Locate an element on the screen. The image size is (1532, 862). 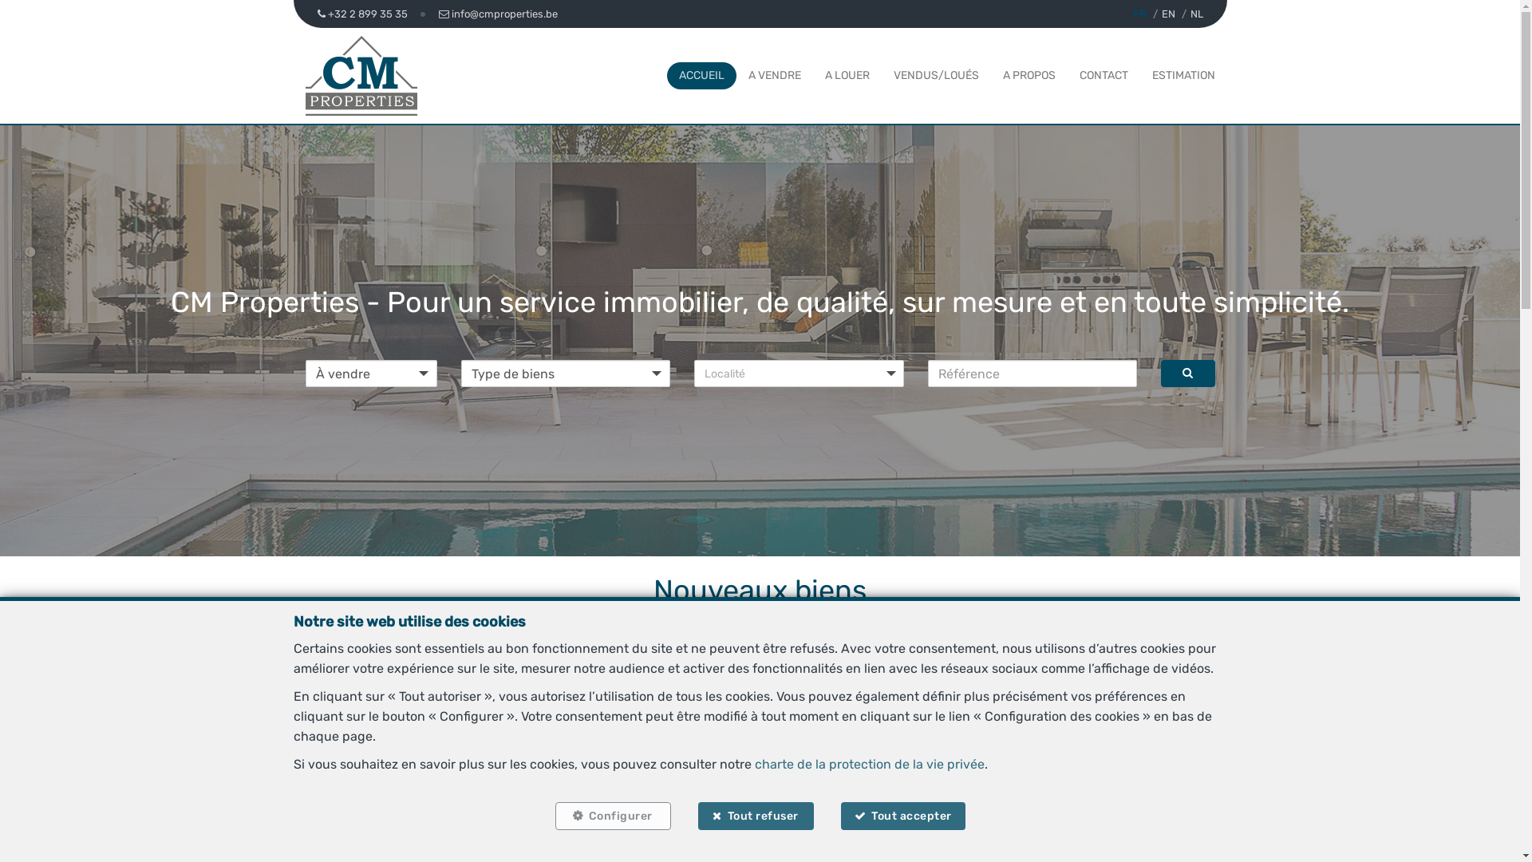
'+32 2 899 35 35' is located at coordinates (363, 14).